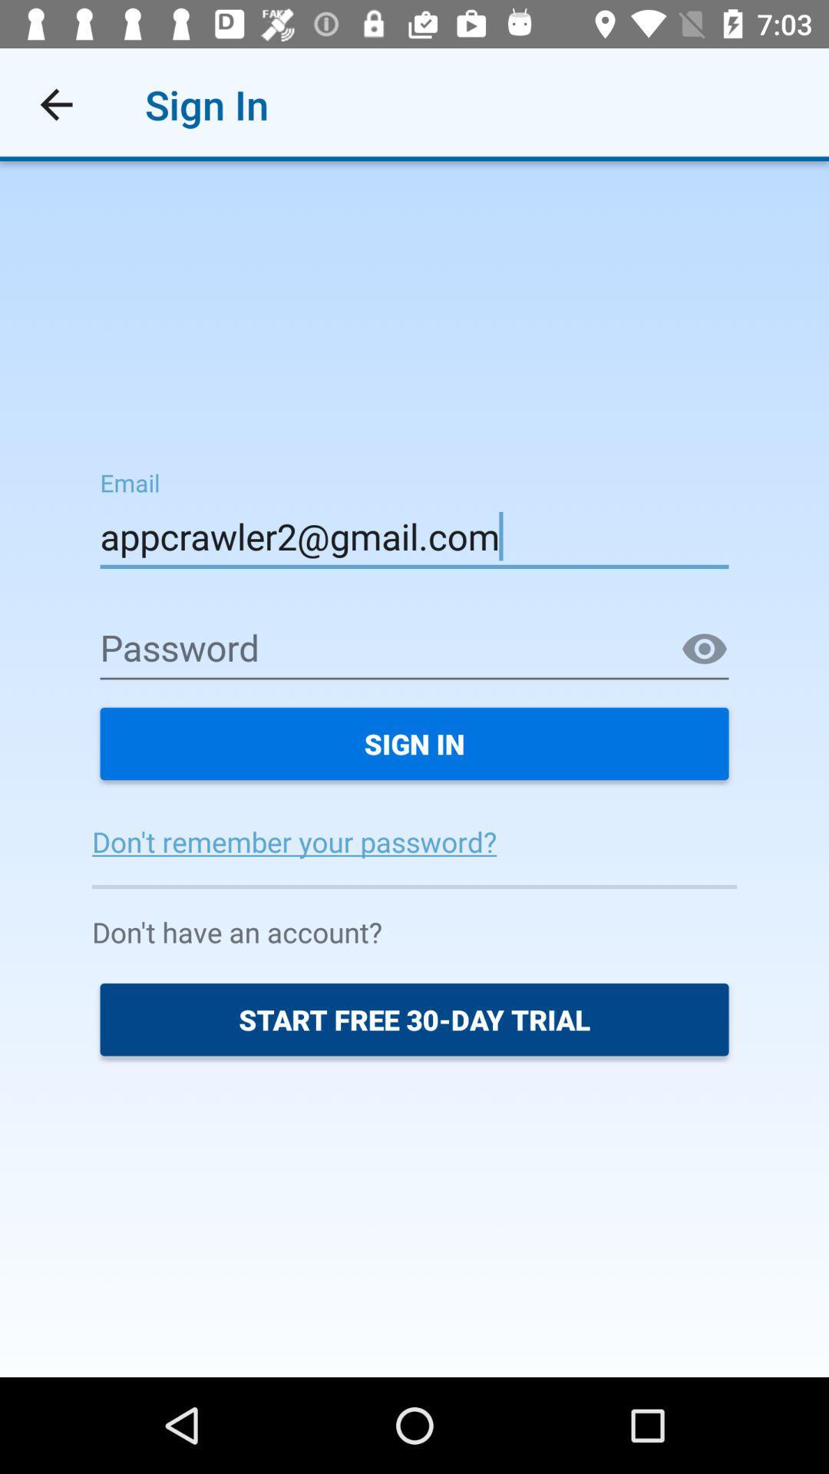 The width and height of the screenshot is (829, 1474). I want to click on show password, so click(705, 649).